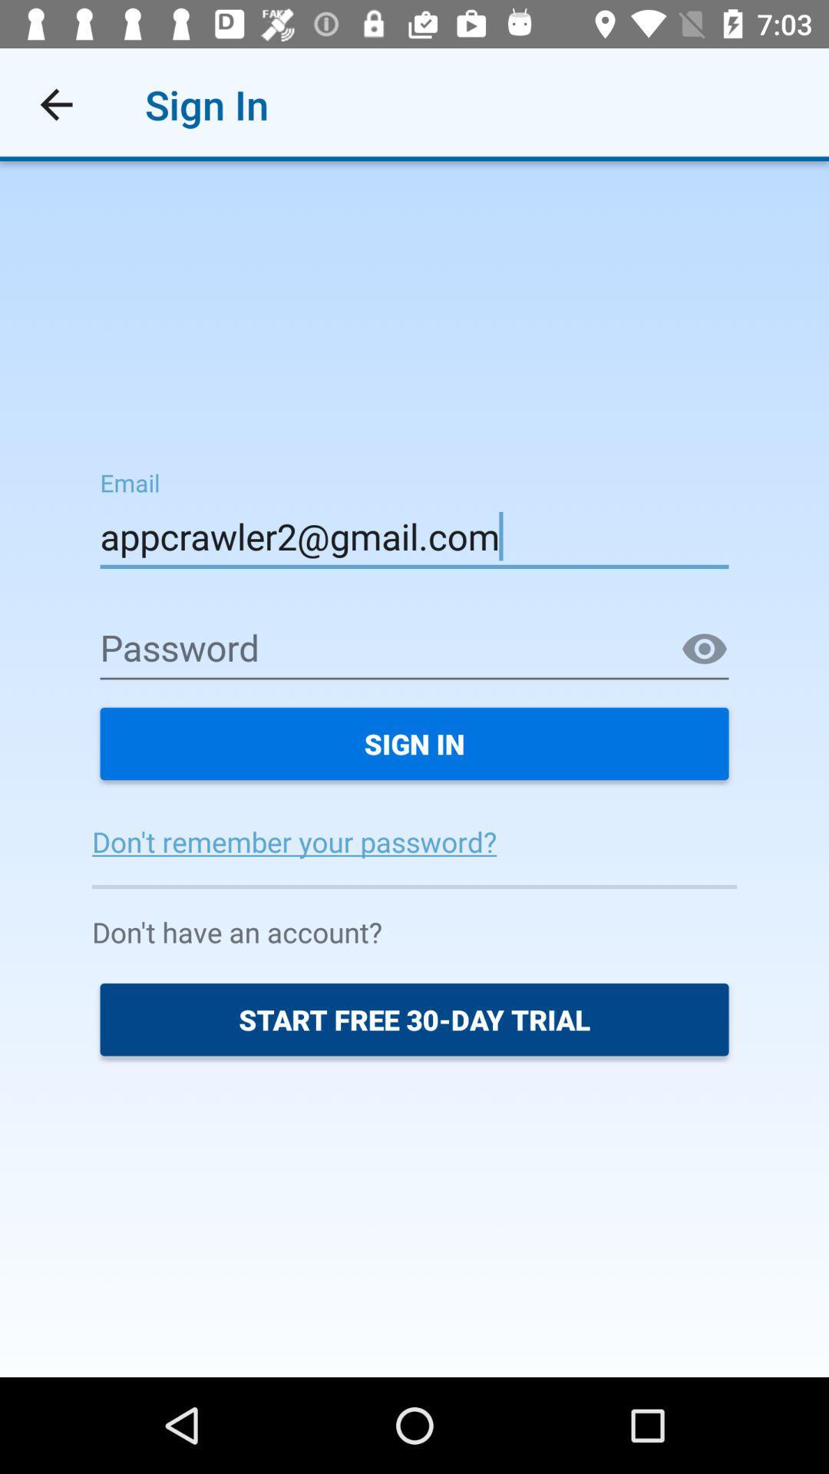 The width and height of the screenshot is (829, 1474). I want to click on show password, so click(705, 649).